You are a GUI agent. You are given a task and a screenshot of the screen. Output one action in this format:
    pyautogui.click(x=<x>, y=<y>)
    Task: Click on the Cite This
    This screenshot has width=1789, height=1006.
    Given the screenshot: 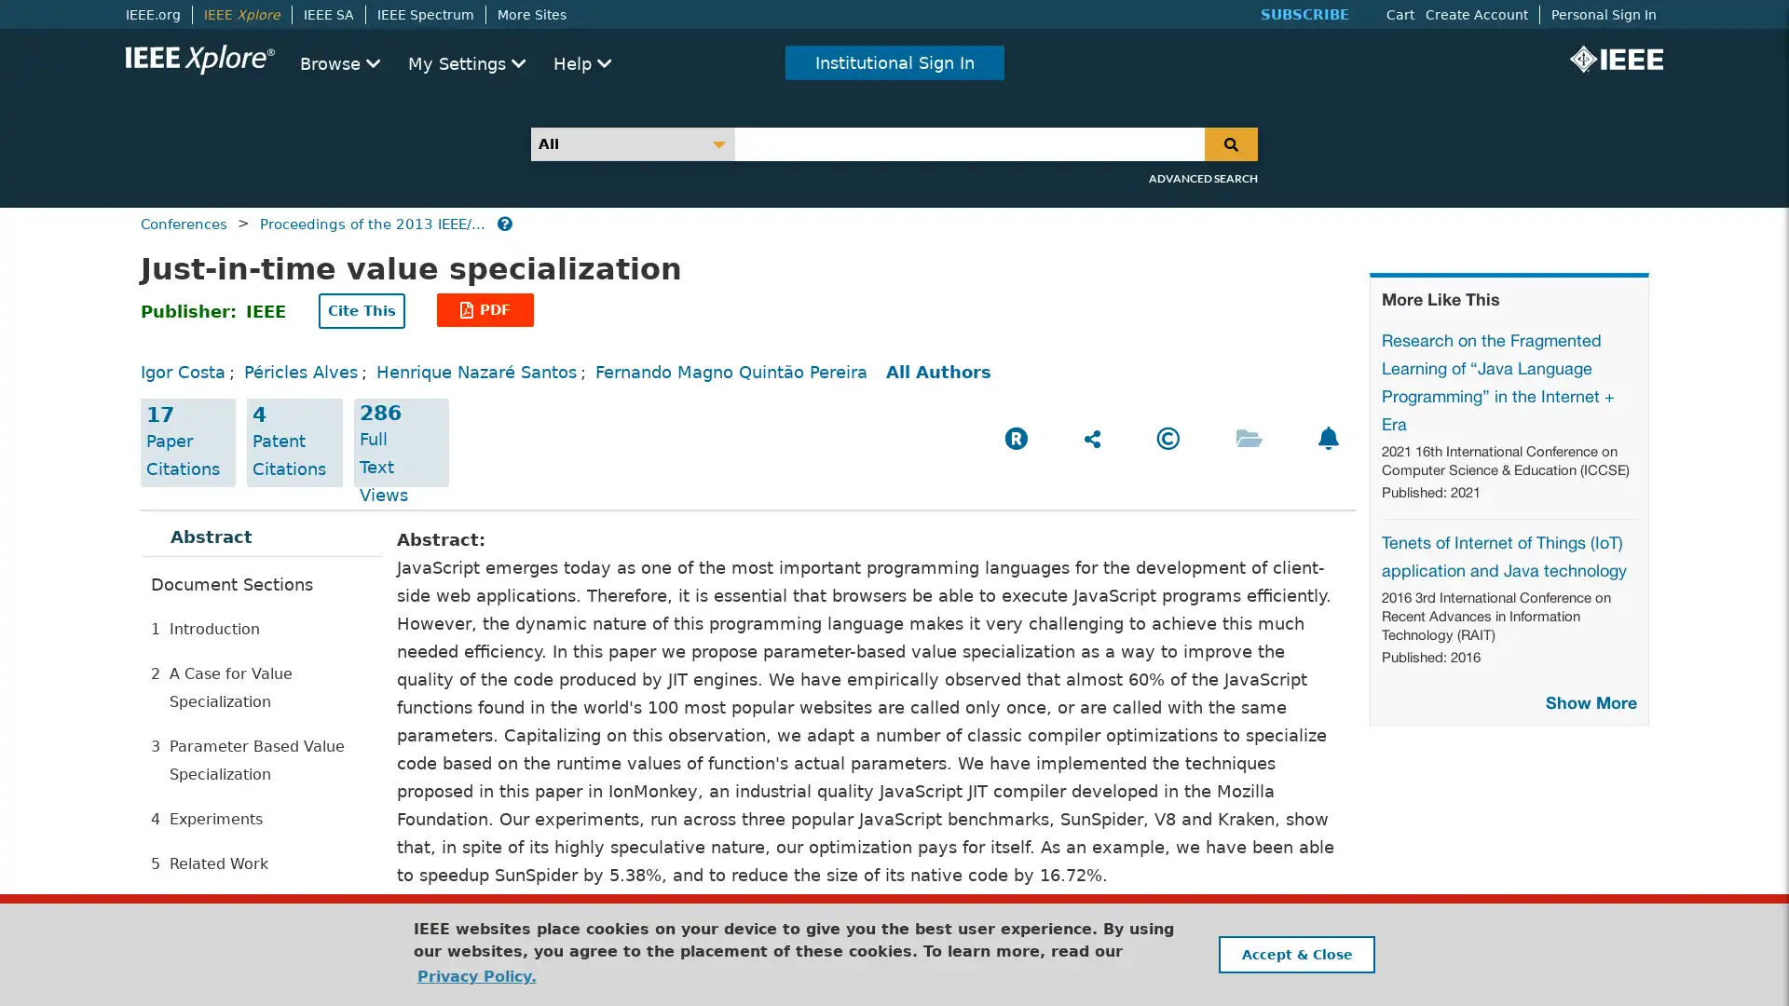 What is the action you would take?
    pyautogui.click(x=362, y=310)
    